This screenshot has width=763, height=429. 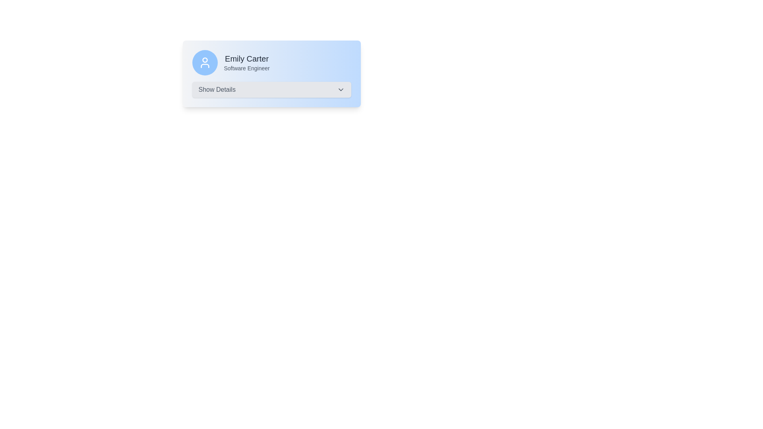 I want to click on the Text Label displaying the individual's name at the top right of the profile card layout, so click(x=246, y=58).